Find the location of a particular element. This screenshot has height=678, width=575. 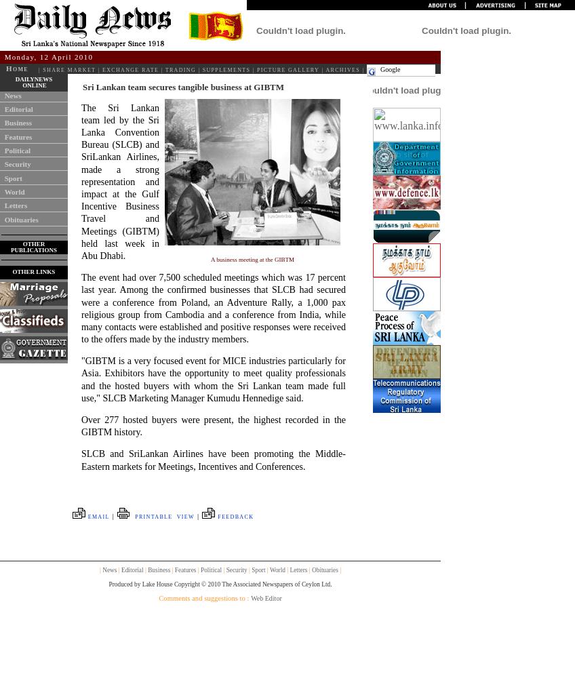

'The event had over 7,500 scheduled meetings which was 17 percent last 
		year. Among the confirmed businesses that SLCB had secured were a 
		conference from Poland, an Adventure Rally, a 1,000 pax religious group 
		from Cambodia and a conference from India, while many contacts were 
		established and positive responses were received to the offers made by 
		the industry members.' is located at coordinates (80, 308).